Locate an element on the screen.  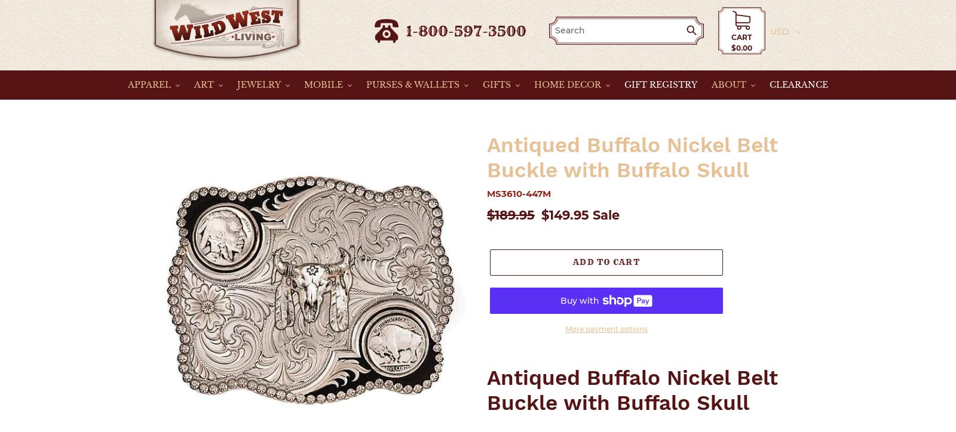
'ABOUT' is located at coordinates (728, 84).